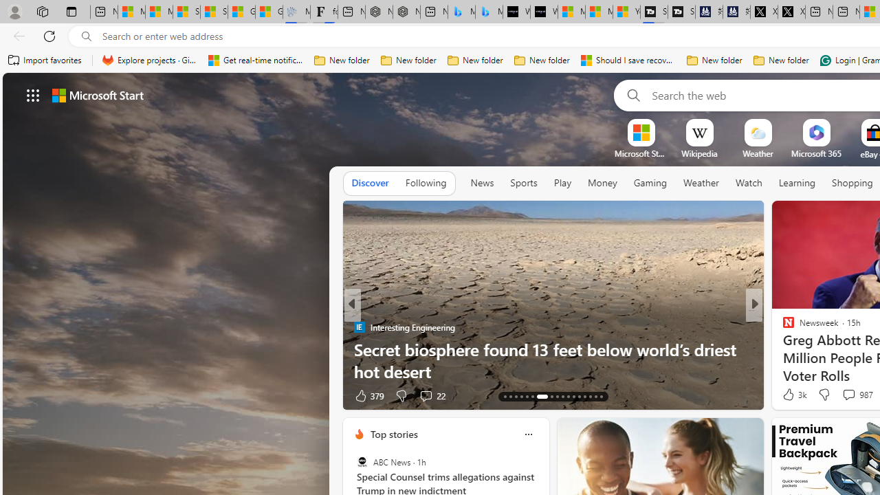  What do you see at coordinates (97, 94) in the screenshot?
I see `'Microsoft start'` at bounding box center [97, 94].